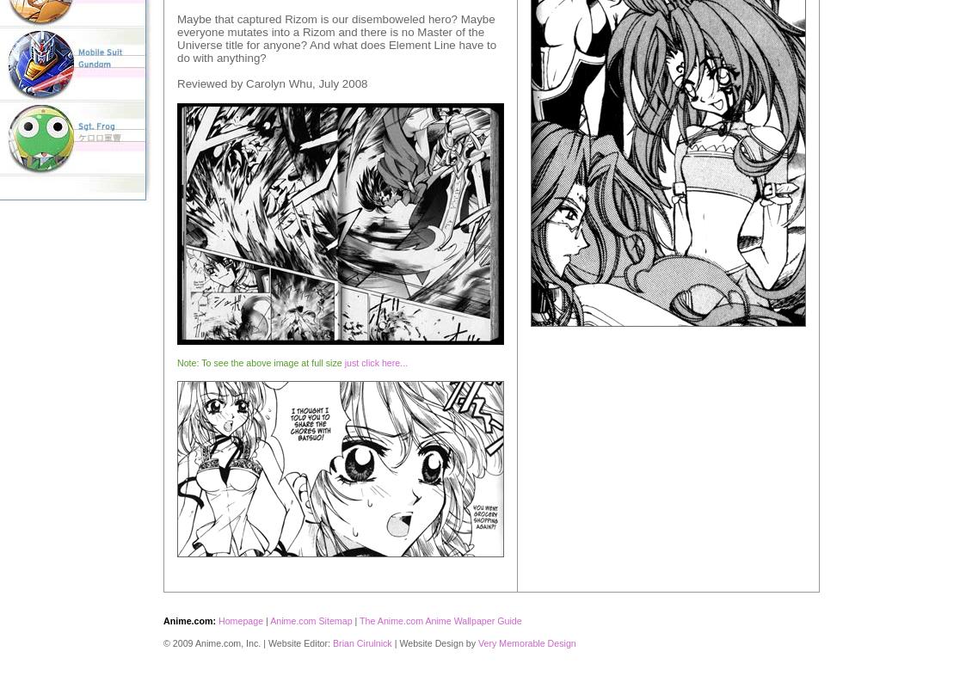  What do you see at coordinates (434, 643) in the screenshot?
I see `'| Website Design by'` at bounding box center [434, 643].